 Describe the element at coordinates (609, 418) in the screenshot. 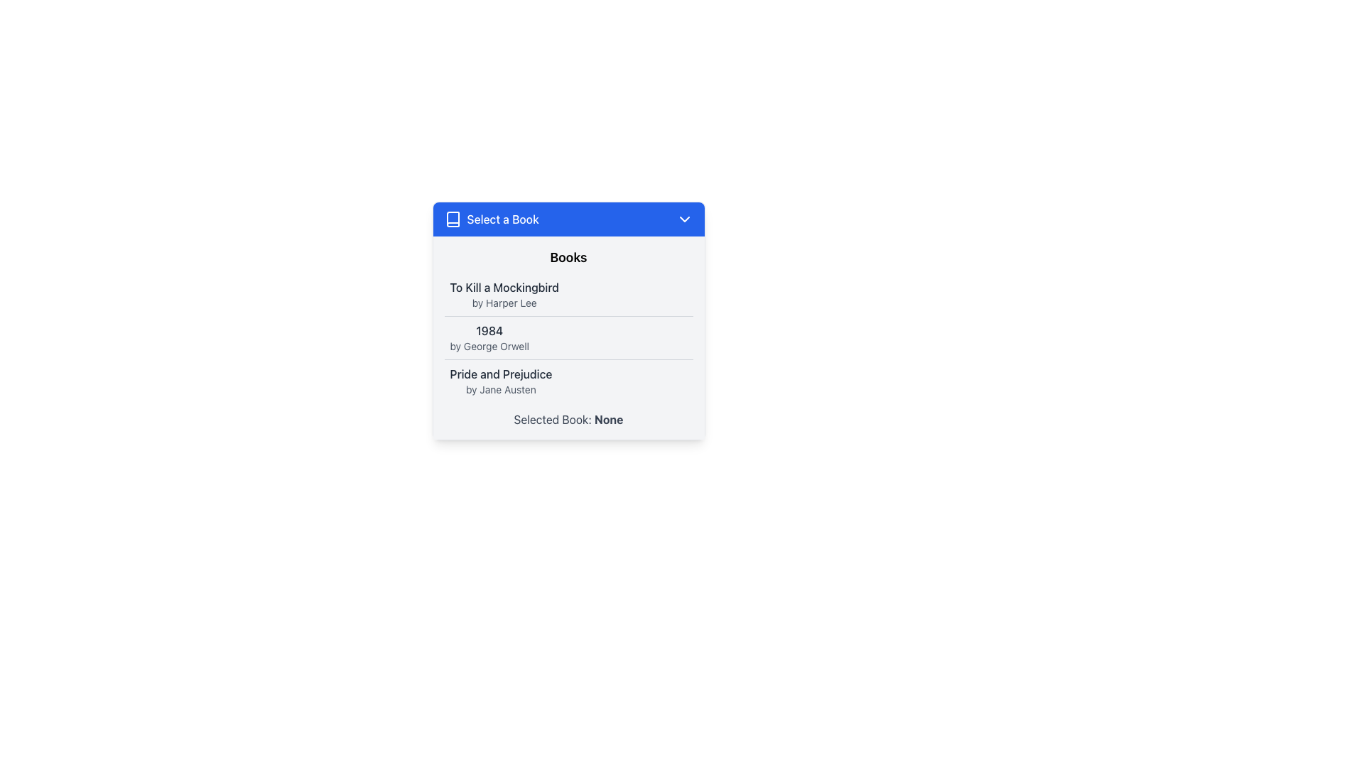

I see `the text label indicating 'None' which informs that no book has been selected` at that location.